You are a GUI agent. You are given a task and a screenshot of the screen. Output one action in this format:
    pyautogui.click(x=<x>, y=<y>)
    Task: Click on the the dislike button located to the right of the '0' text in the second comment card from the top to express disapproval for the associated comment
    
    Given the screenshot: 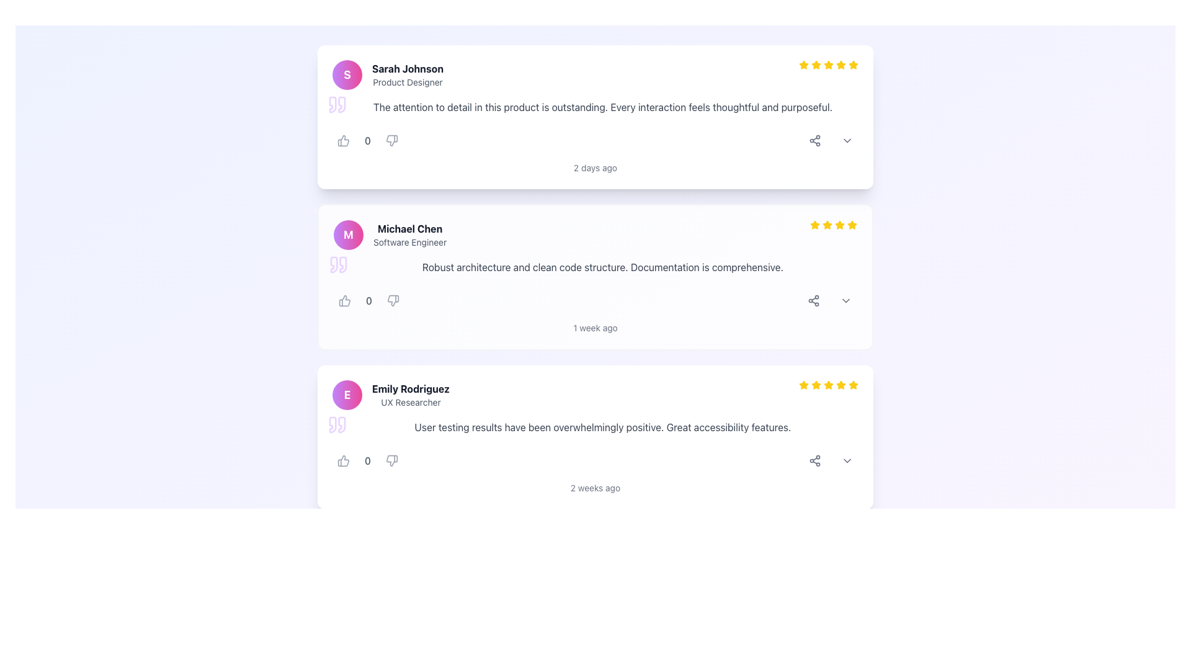 What is the action you would take?
    pyautogui.click(x=392, y=301)
    